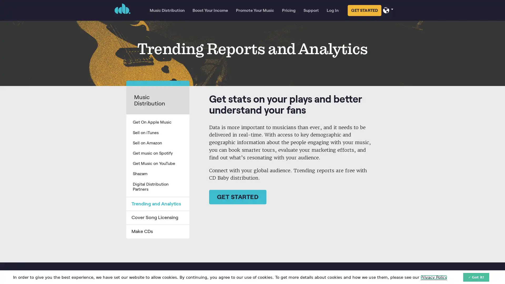  What do you see at coordinates (386, 10) in the screenshot?
I see `Select your language` at bounding box center [386, 10].